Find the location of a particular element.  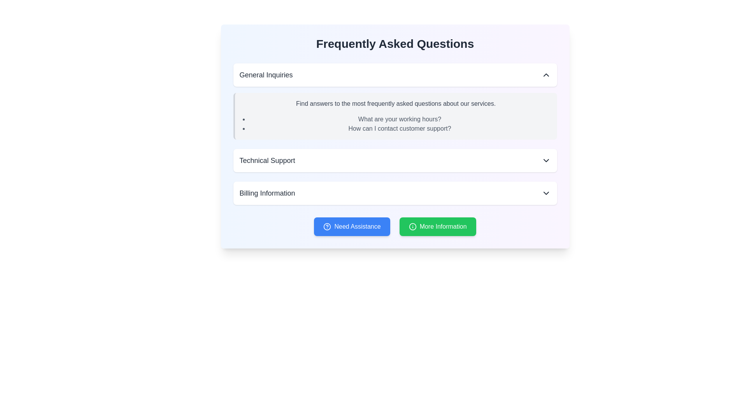

the upward-pointing chevron arrow icon located at the far right of the 'General Inquiries' section header, which signifies the possibility is located at coordinates (545, 75).